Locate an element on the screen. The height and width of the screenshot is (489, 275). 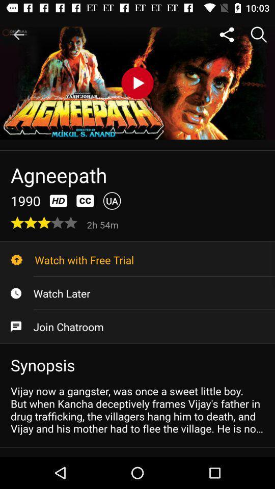
vijay now a icon is located at coordinates (137, 410).